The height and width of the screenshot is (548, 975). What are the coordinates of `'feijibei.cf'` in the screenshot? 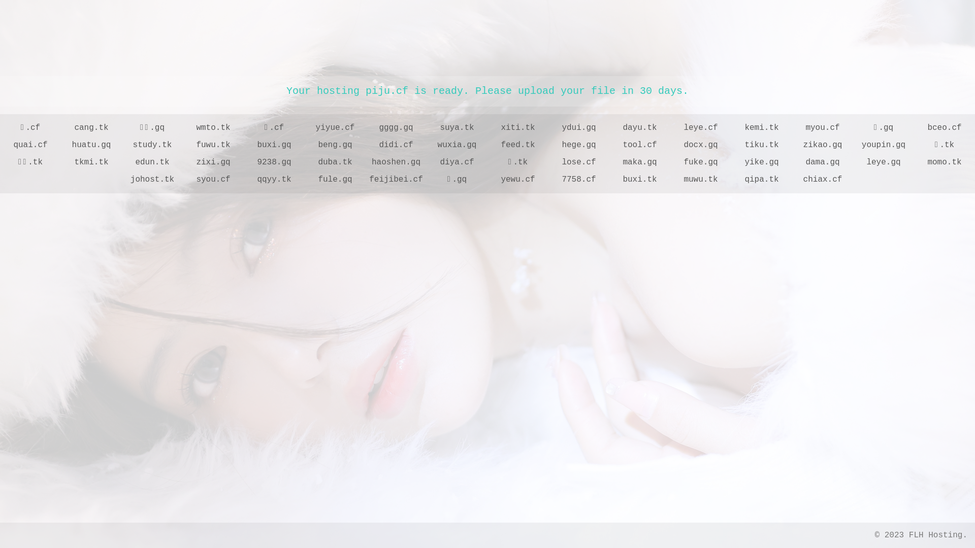 It's located at (395, 179).